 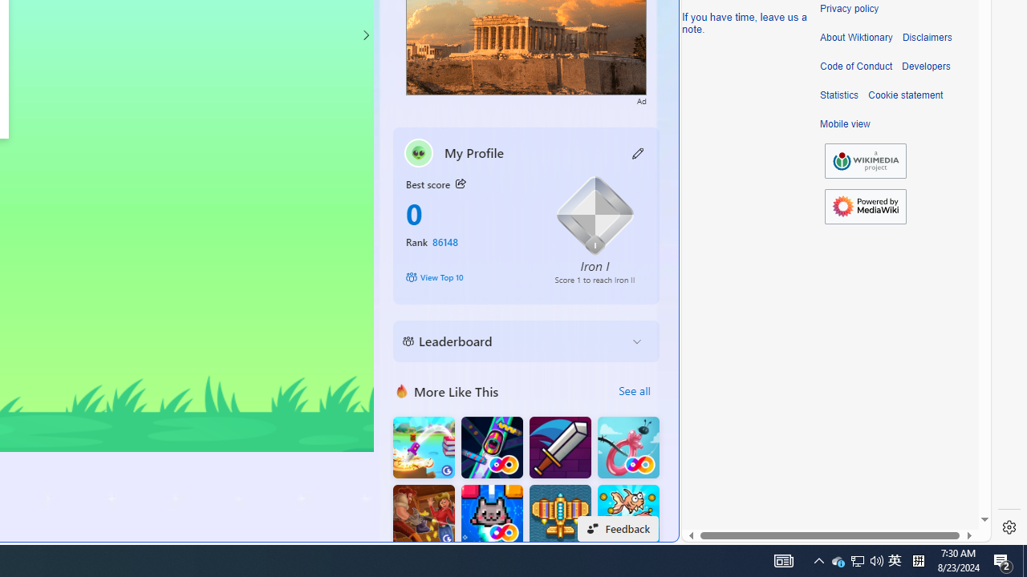 I want to click on 'See all', so click(x=634, y=391).